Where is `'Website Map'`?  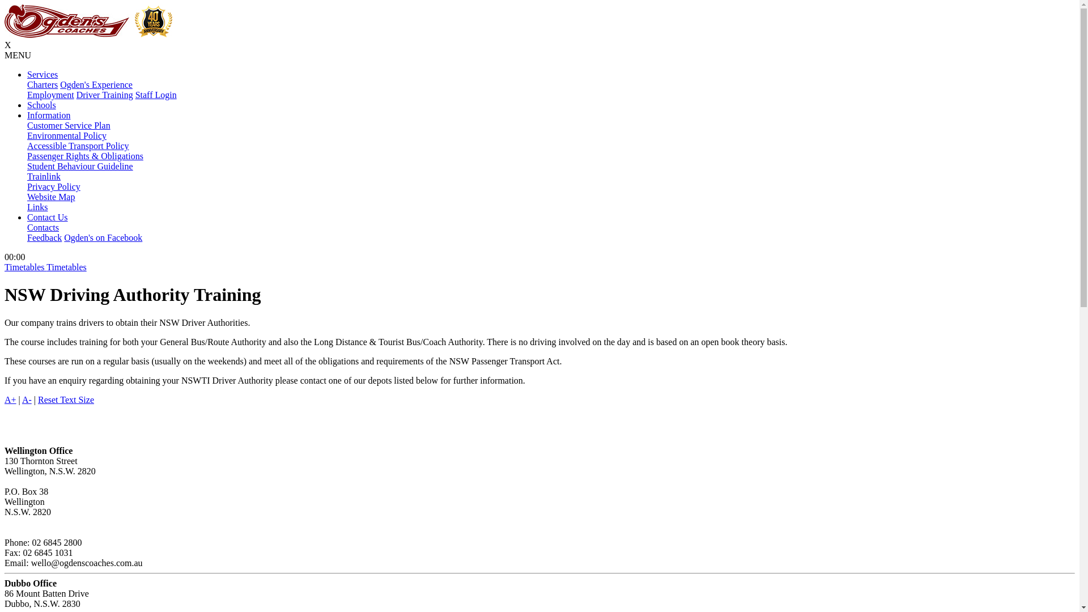
'Website Map' is located at coordinates (50, 196).